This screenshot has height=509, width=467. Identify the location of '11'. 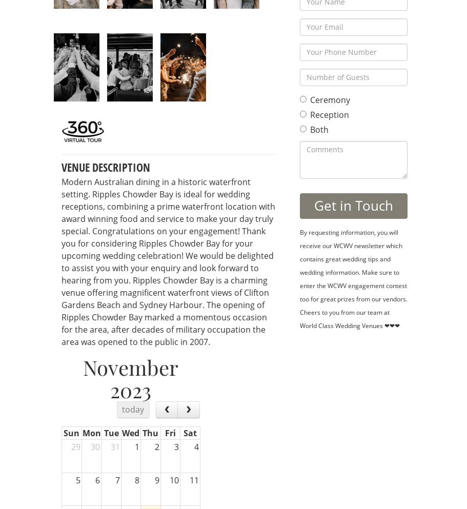
(193, 479).